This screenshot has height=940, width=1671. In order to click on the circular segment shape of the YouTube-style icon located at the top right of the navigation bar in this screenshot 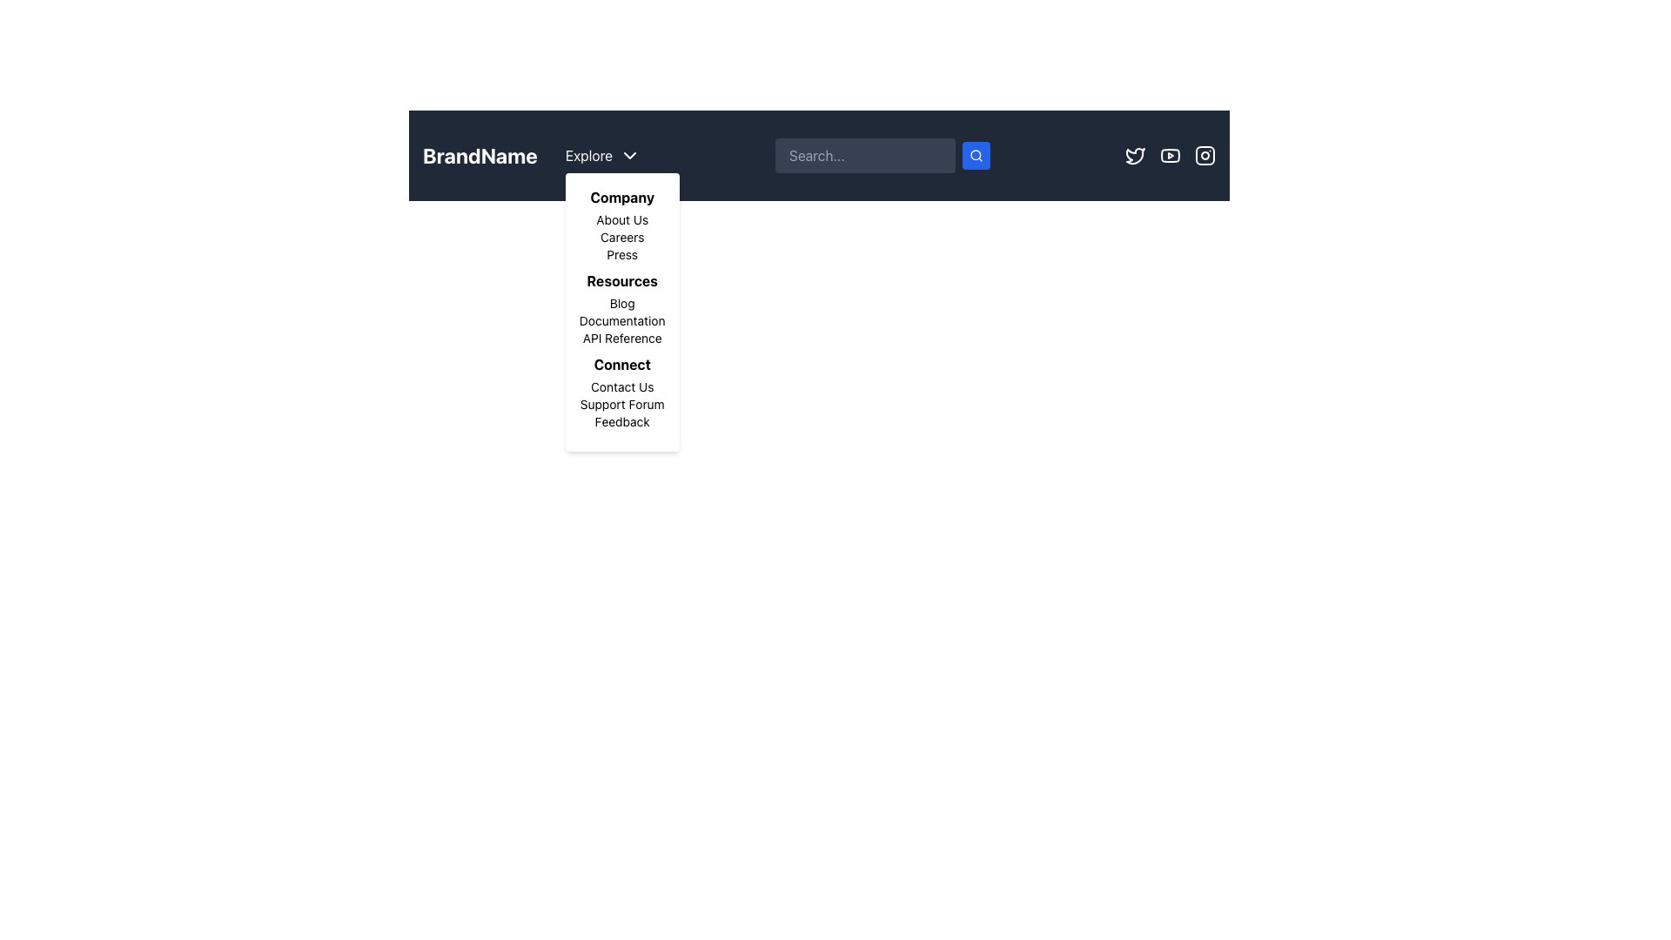, I will do `click(1170, 154)`.